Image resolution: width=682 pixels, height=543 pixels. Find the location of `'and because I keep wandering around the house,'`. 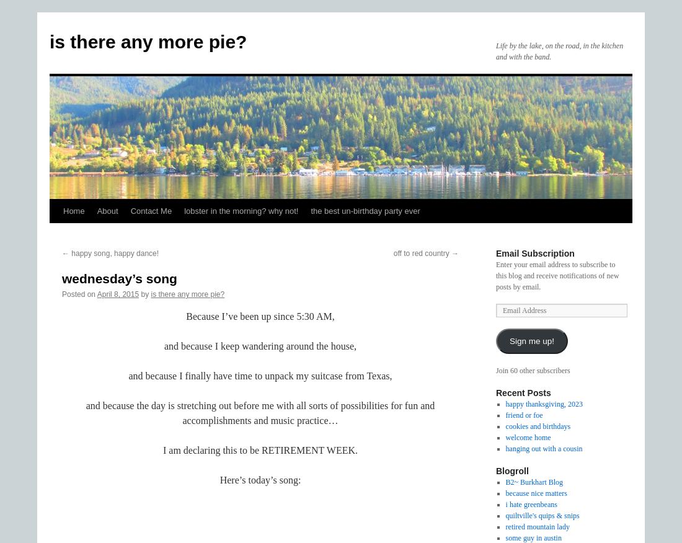

'and because I keep wandering around the house,' is located at coordinates (259, 345).